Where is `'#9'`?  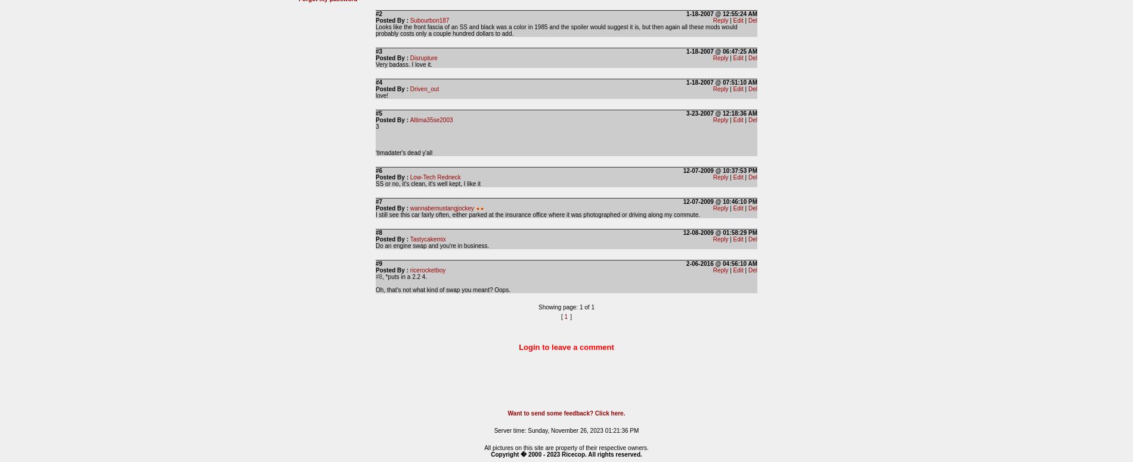
'#9' is located at coordinates (376, 263).